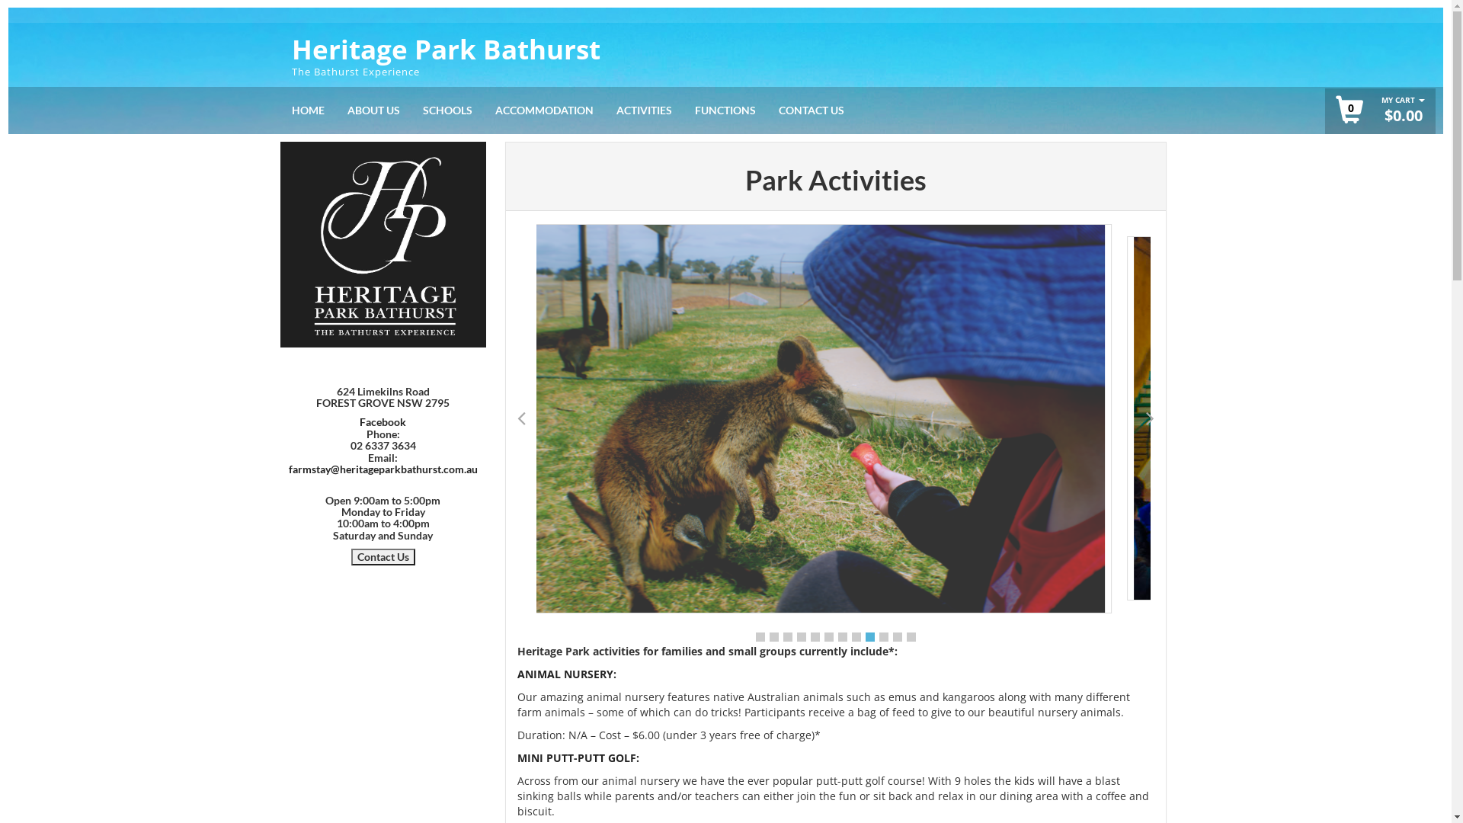  Describe the element at coordinates (841, 637) in the screenshot. I see `'7'` at that location.